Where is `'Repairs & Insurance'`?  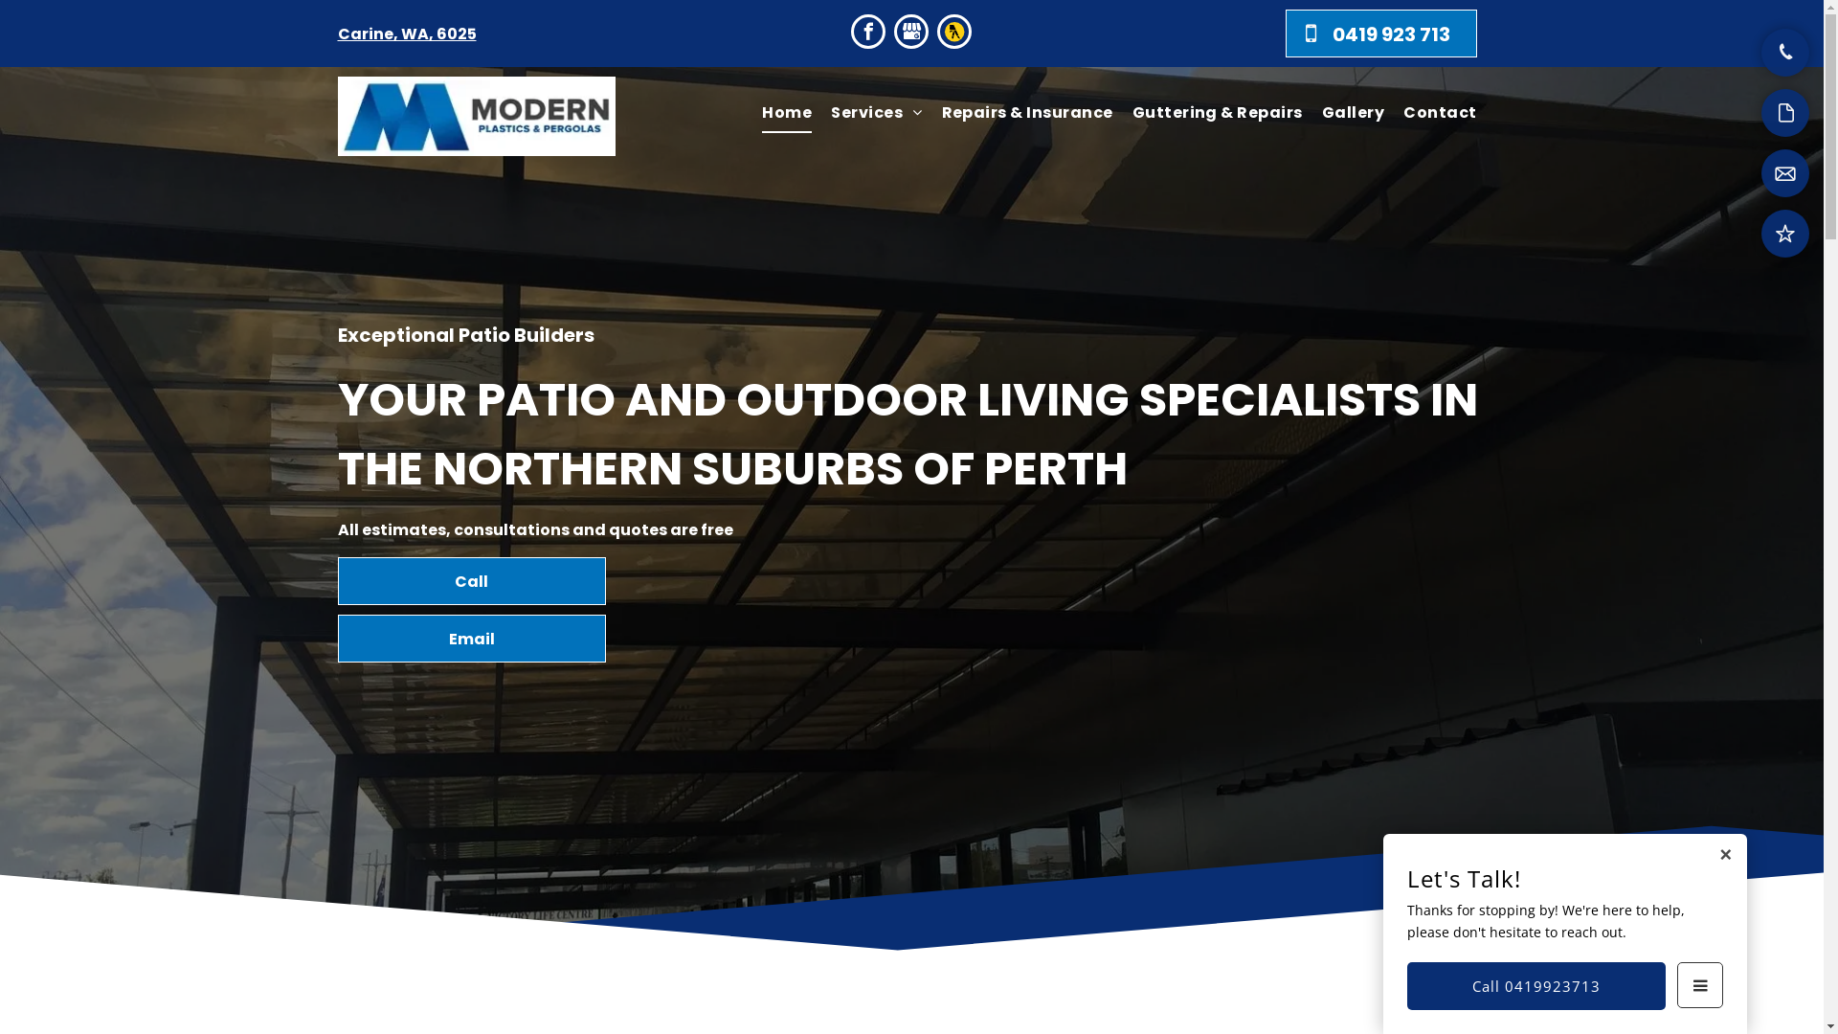
'Repairs & Insurance' is located at coordinates (932, 113).